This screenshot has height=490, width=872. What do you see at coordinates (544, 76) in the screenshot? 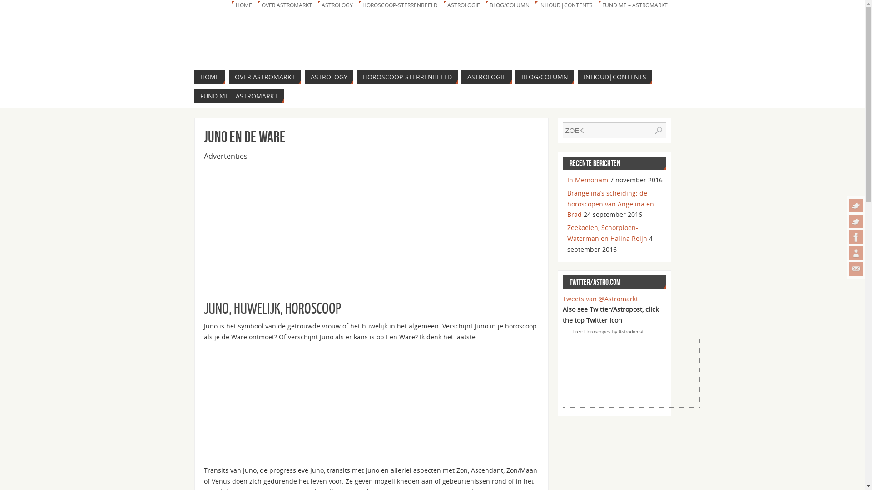
I see `'BLOG/COLUMN'` at bounding box center [544, 76].